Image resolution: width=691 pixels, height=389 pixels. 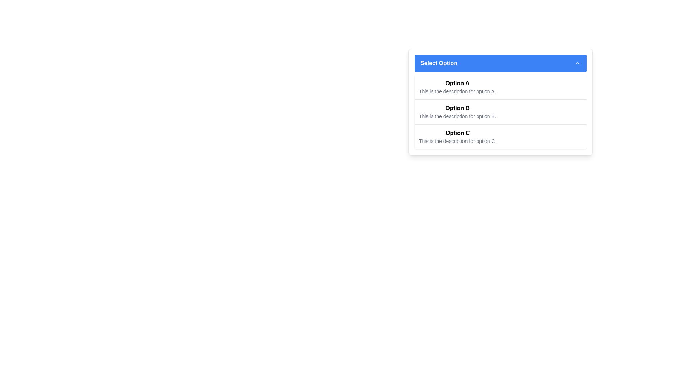 I want to click on the text label for 'Option B', which is the second bold option in a list, so click(x=457, y=108).